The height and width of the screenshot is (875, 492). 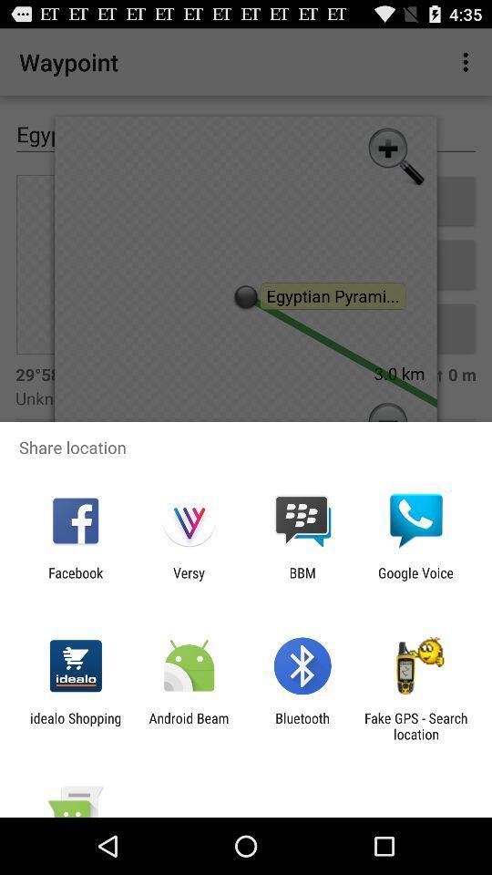 What do you see at coordinates (415, 726) in the screenshot?
I see `the app next to bluetooth app` at bounding box center [415, 726].